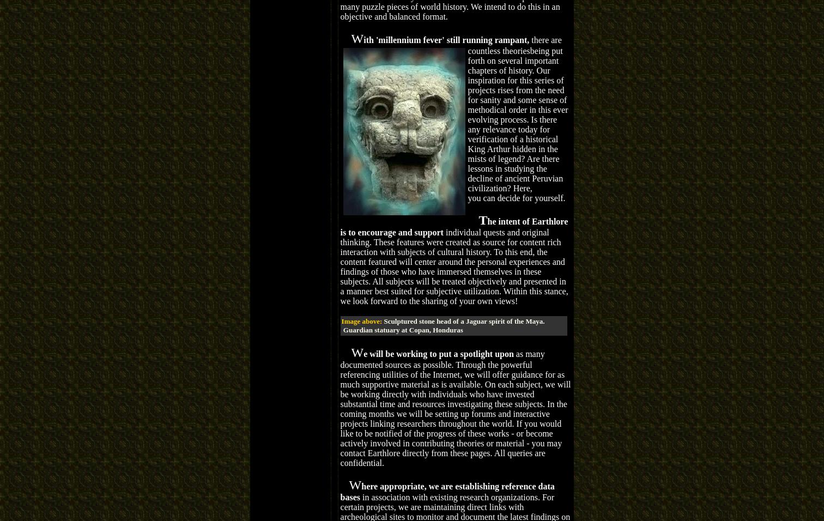  Describe the element at coordinates (453, 226) in the screenshot. I see `'he 
        intent of Earthlore is to encourage and support'` at that location.